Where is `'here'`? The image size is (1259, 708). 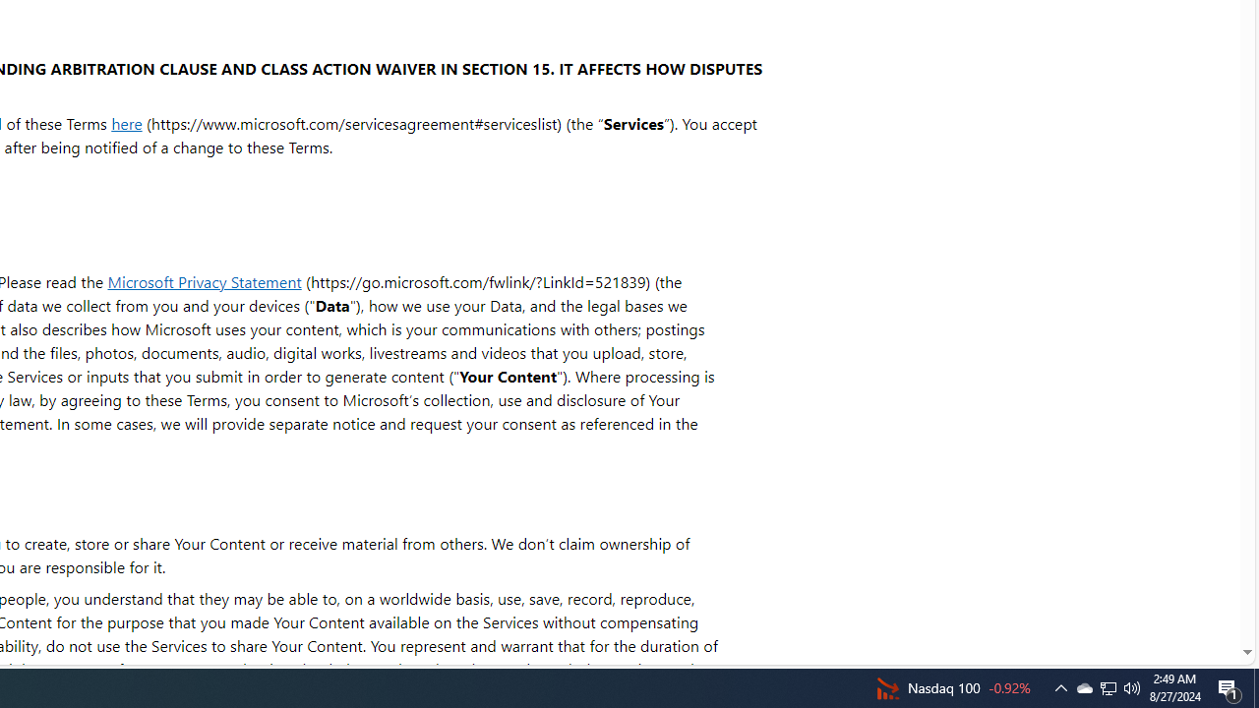
'here' is located at coordinates (125, 122).